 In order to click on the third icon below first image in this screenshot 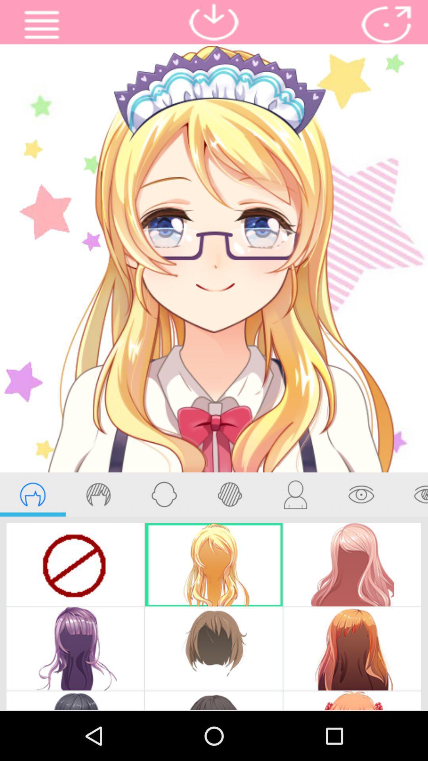, I will do `click(164, 494)`.